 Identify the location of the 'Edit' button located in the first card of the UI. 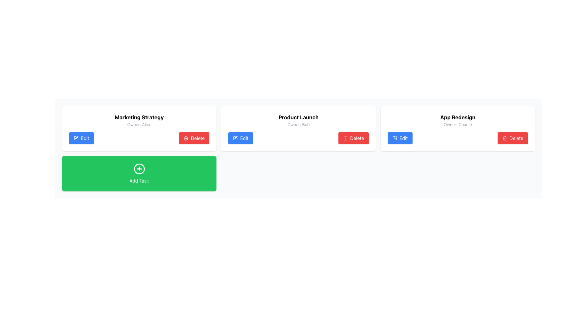
(76, 138).